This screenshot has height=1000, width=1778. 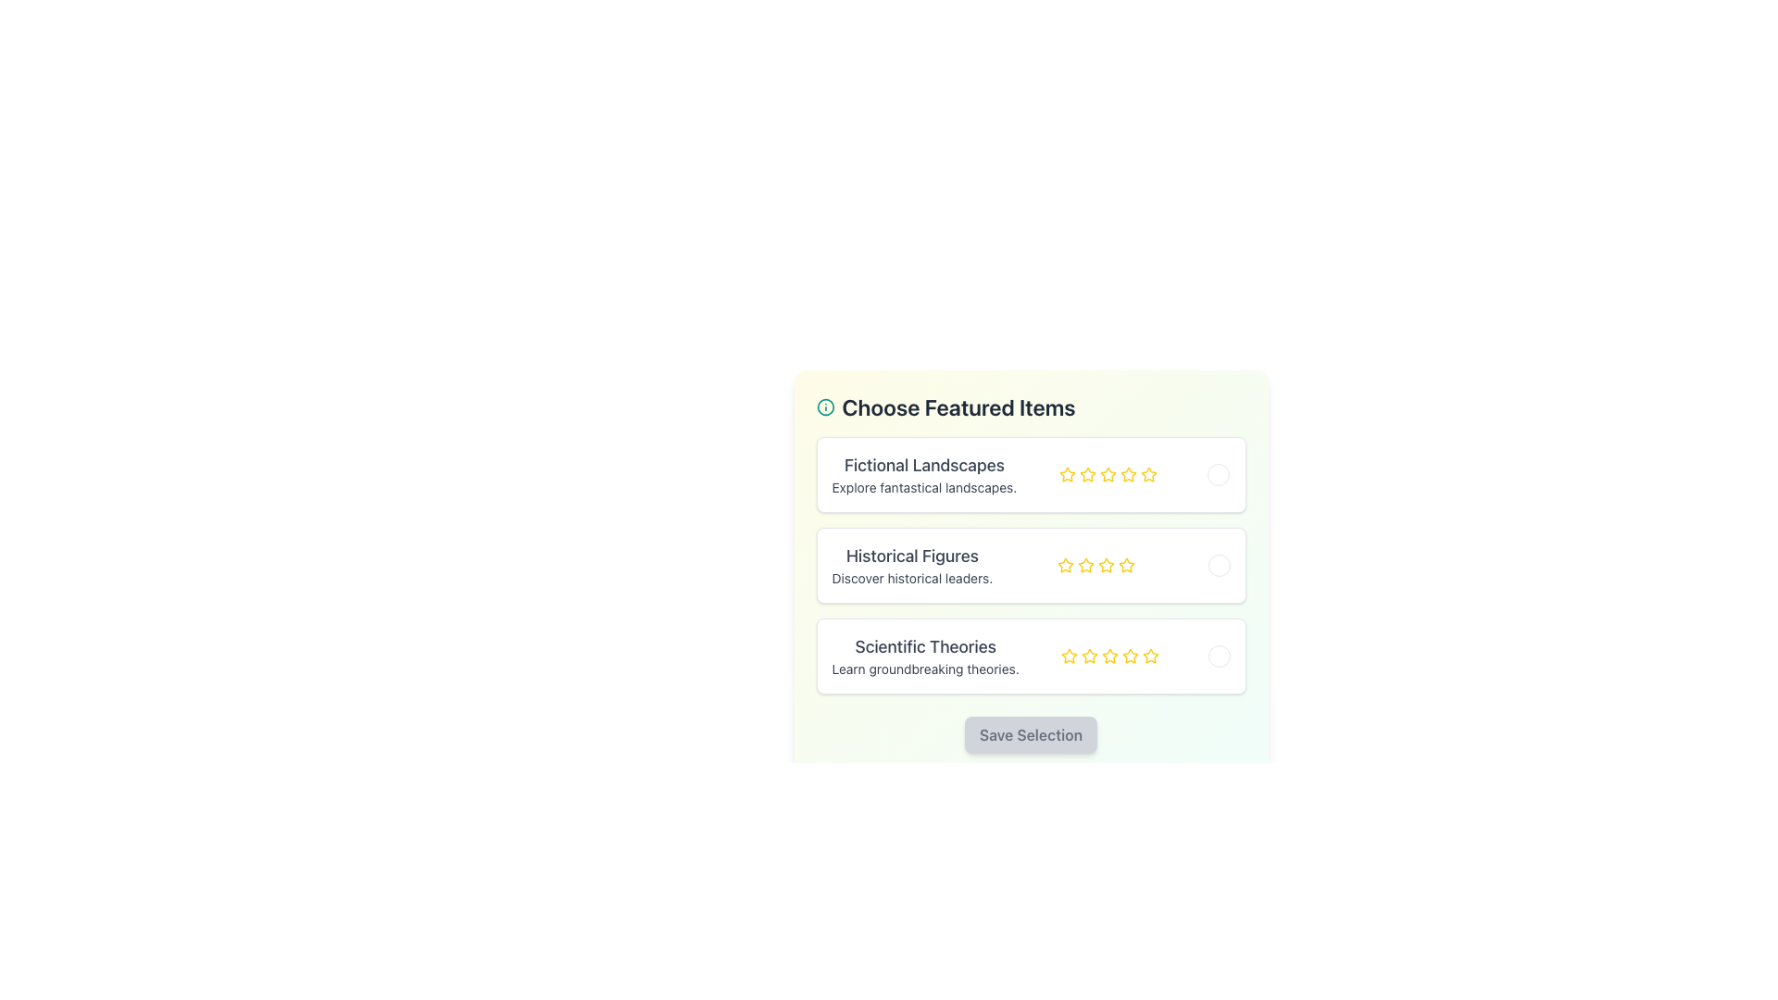 What do you see at coordinates (1030, 656) in the screenshot?
I see `the 'Scientific Theories' card, which is the third interactive option in the vertically stacked group of cards under 'Choose Featured Items'` at bounding box center [1030, 656].